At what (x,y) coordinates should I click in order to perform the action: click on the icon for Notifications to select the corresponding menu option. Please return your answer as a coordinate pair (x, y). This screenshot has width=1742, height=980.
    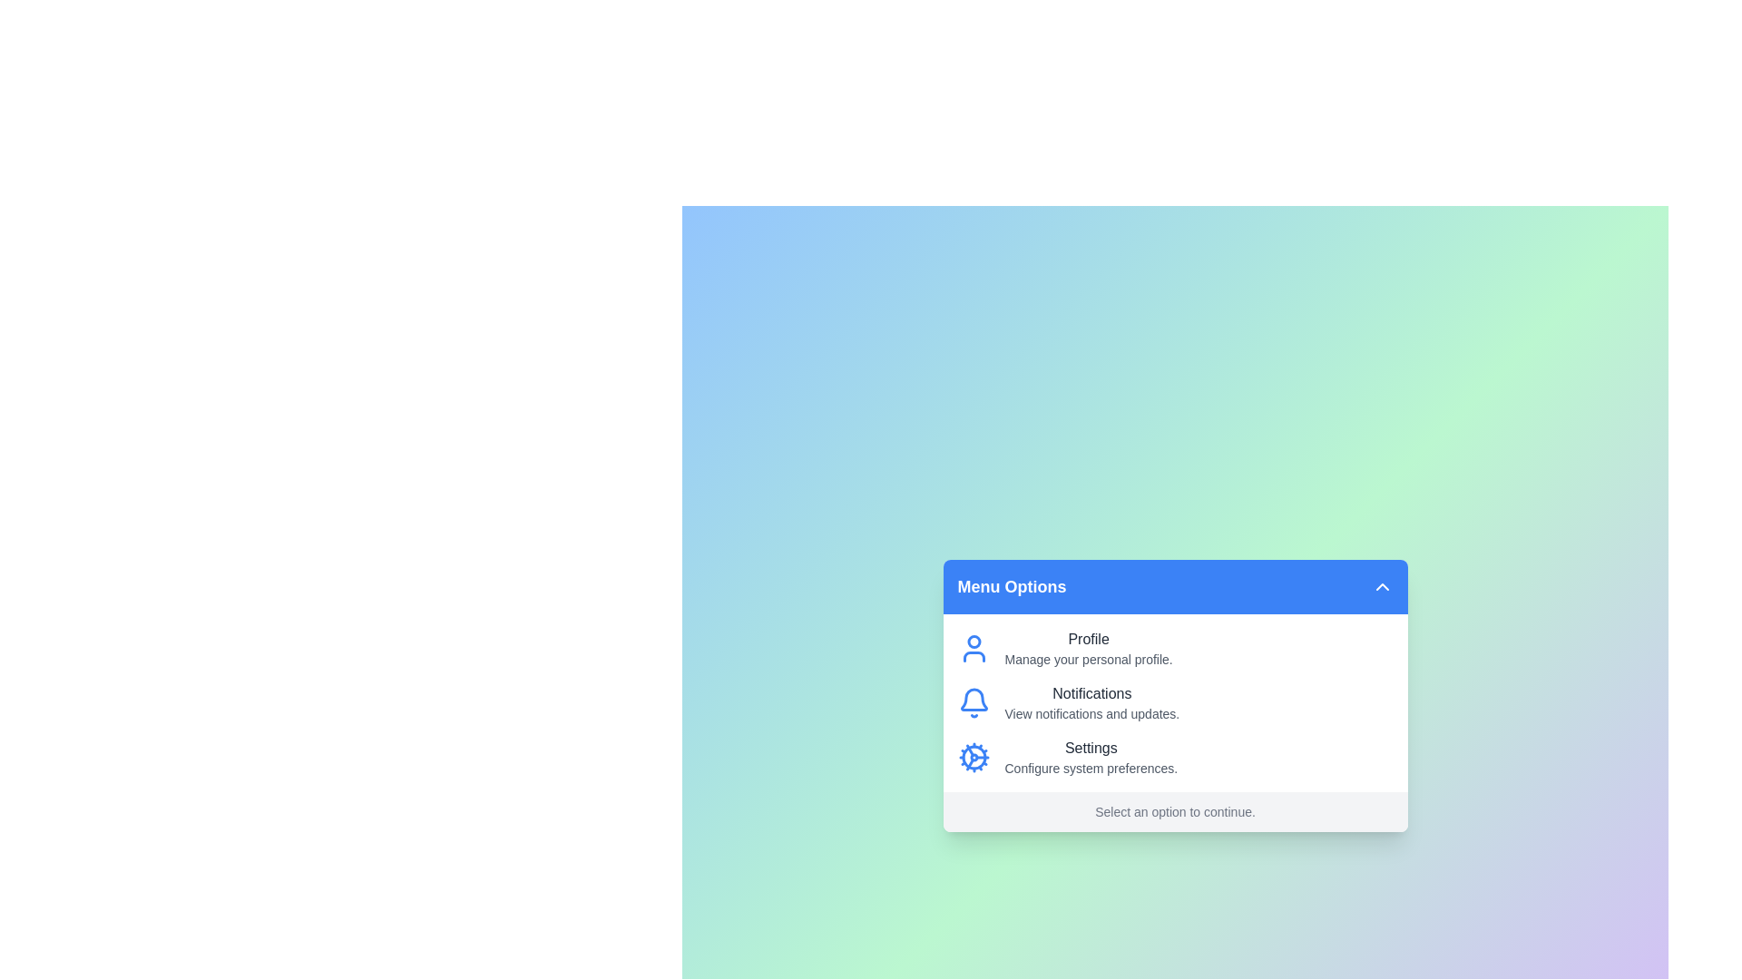
    Looking at the image, I should click on (973, 702).